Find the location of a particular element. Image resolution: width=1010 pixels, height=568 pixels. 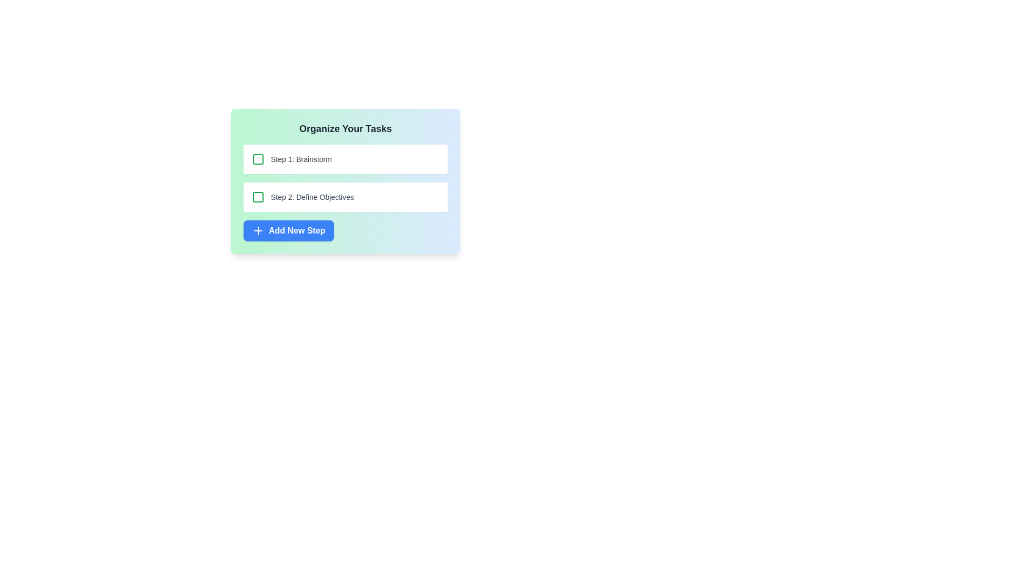

the text label 'Add New Step' which is displayed in white font within a blue rectangular button located at the bottom-left corner of a card interface is located at coordinates (296, 230).